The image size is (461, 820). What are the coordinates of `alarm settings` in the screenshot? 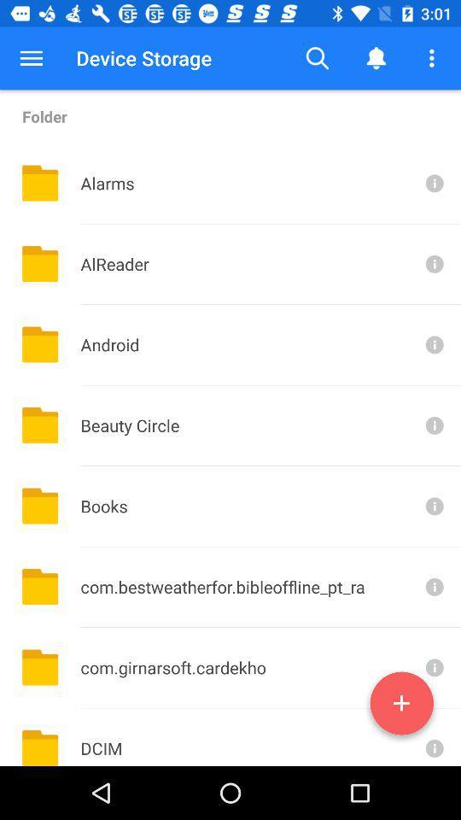 It's located at (433, 183).